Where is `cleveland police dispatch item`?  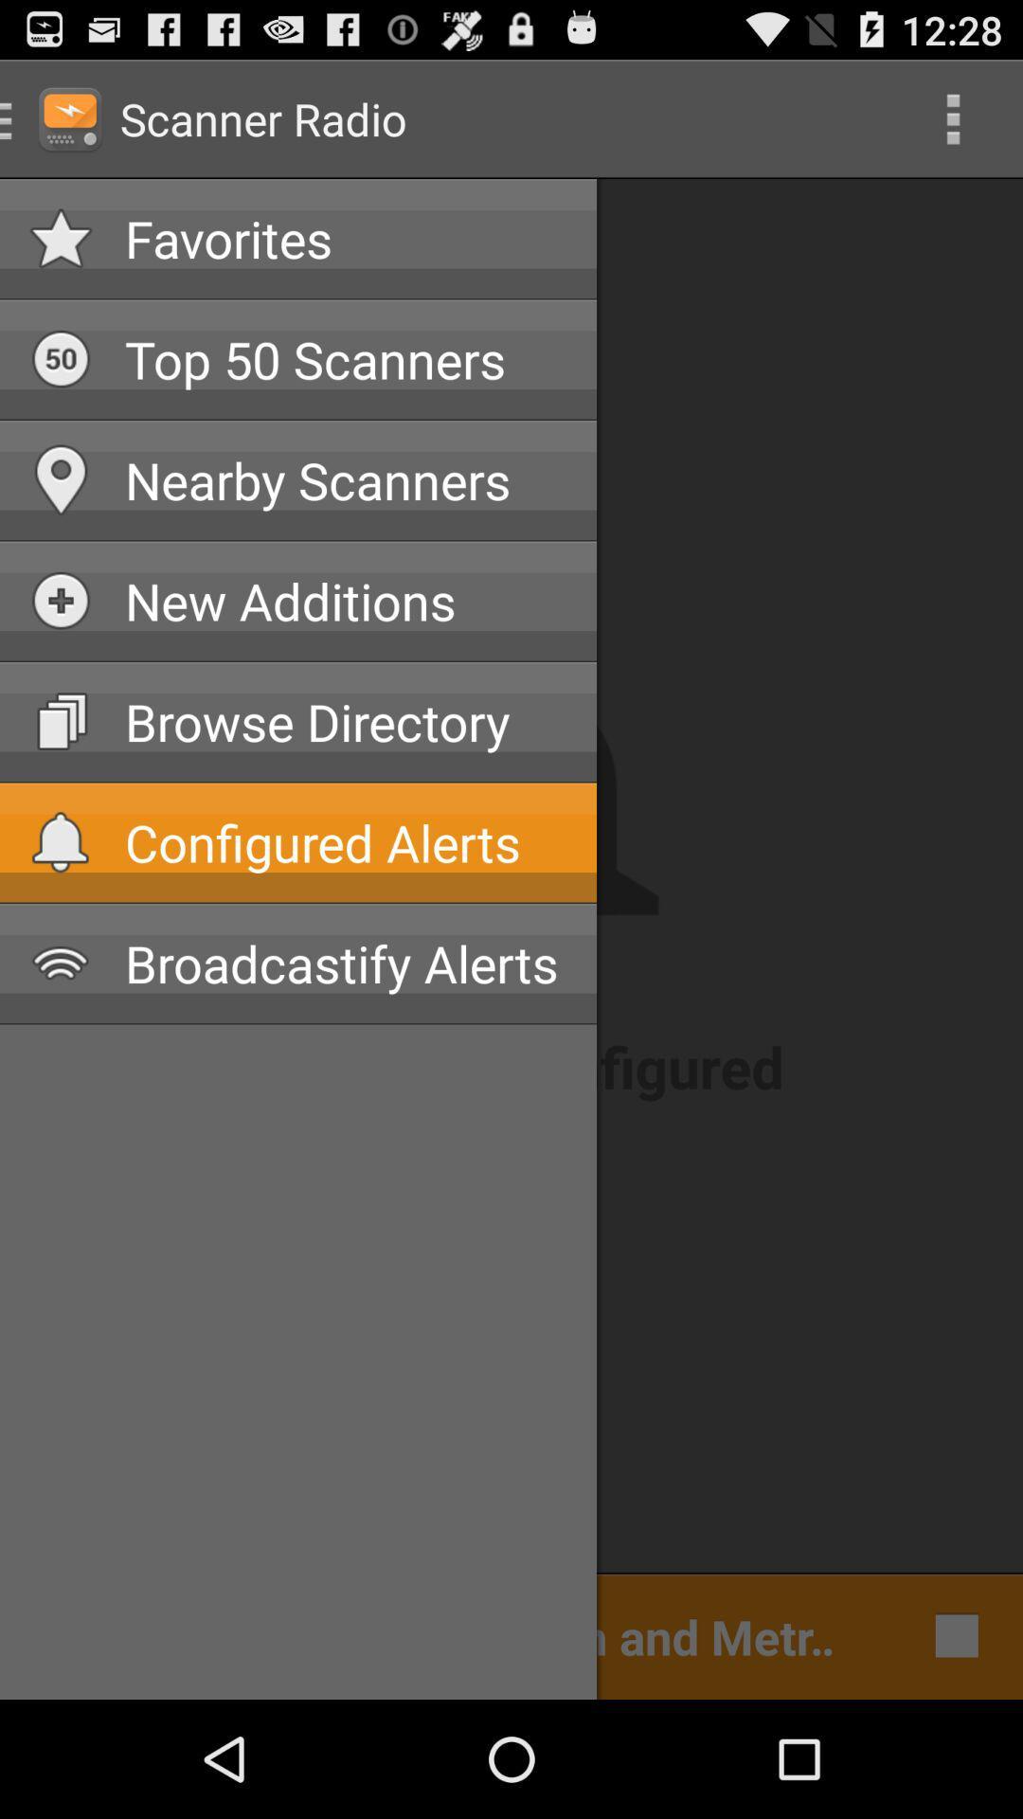 cleveland police dispatch item is located at coordinates (440, 1634).